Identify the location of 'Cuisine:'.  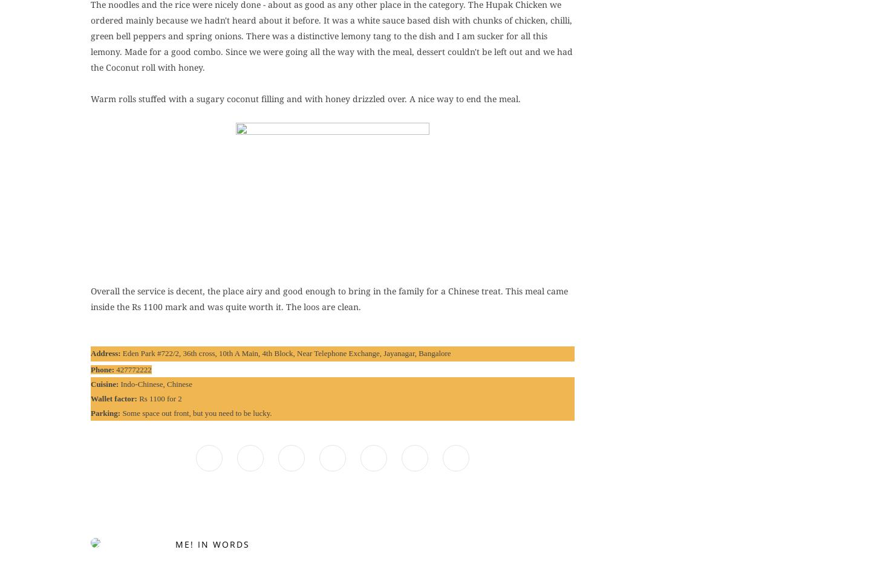
(105, 383).